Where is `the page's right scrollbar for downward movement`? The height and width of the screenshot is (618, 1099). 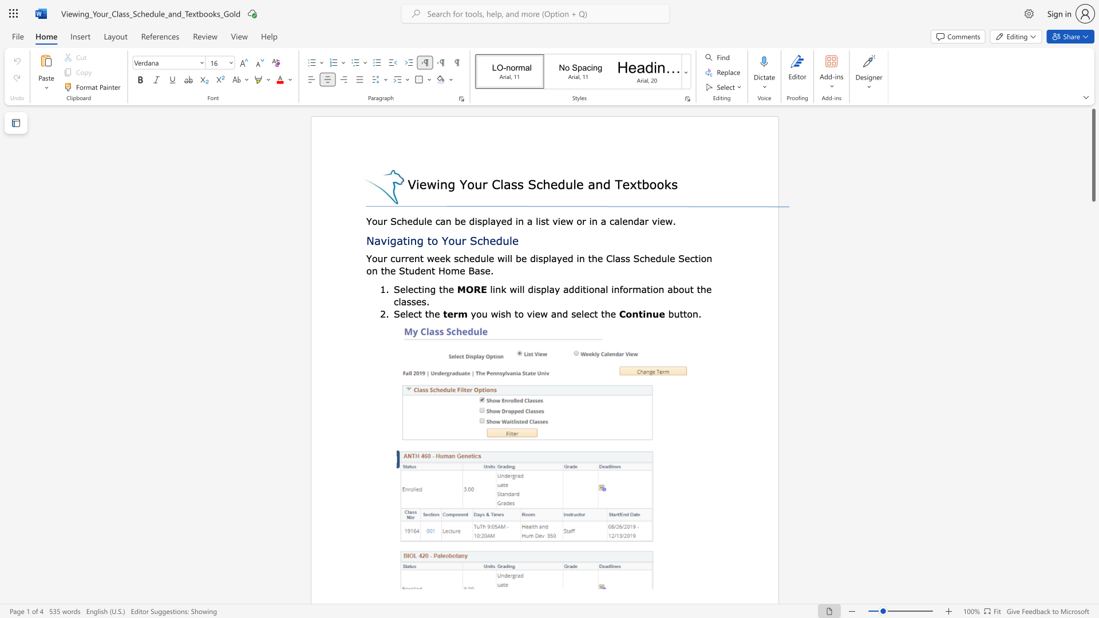 the page's right scrollbar for downward movement is located at coordinates (1093, 217).